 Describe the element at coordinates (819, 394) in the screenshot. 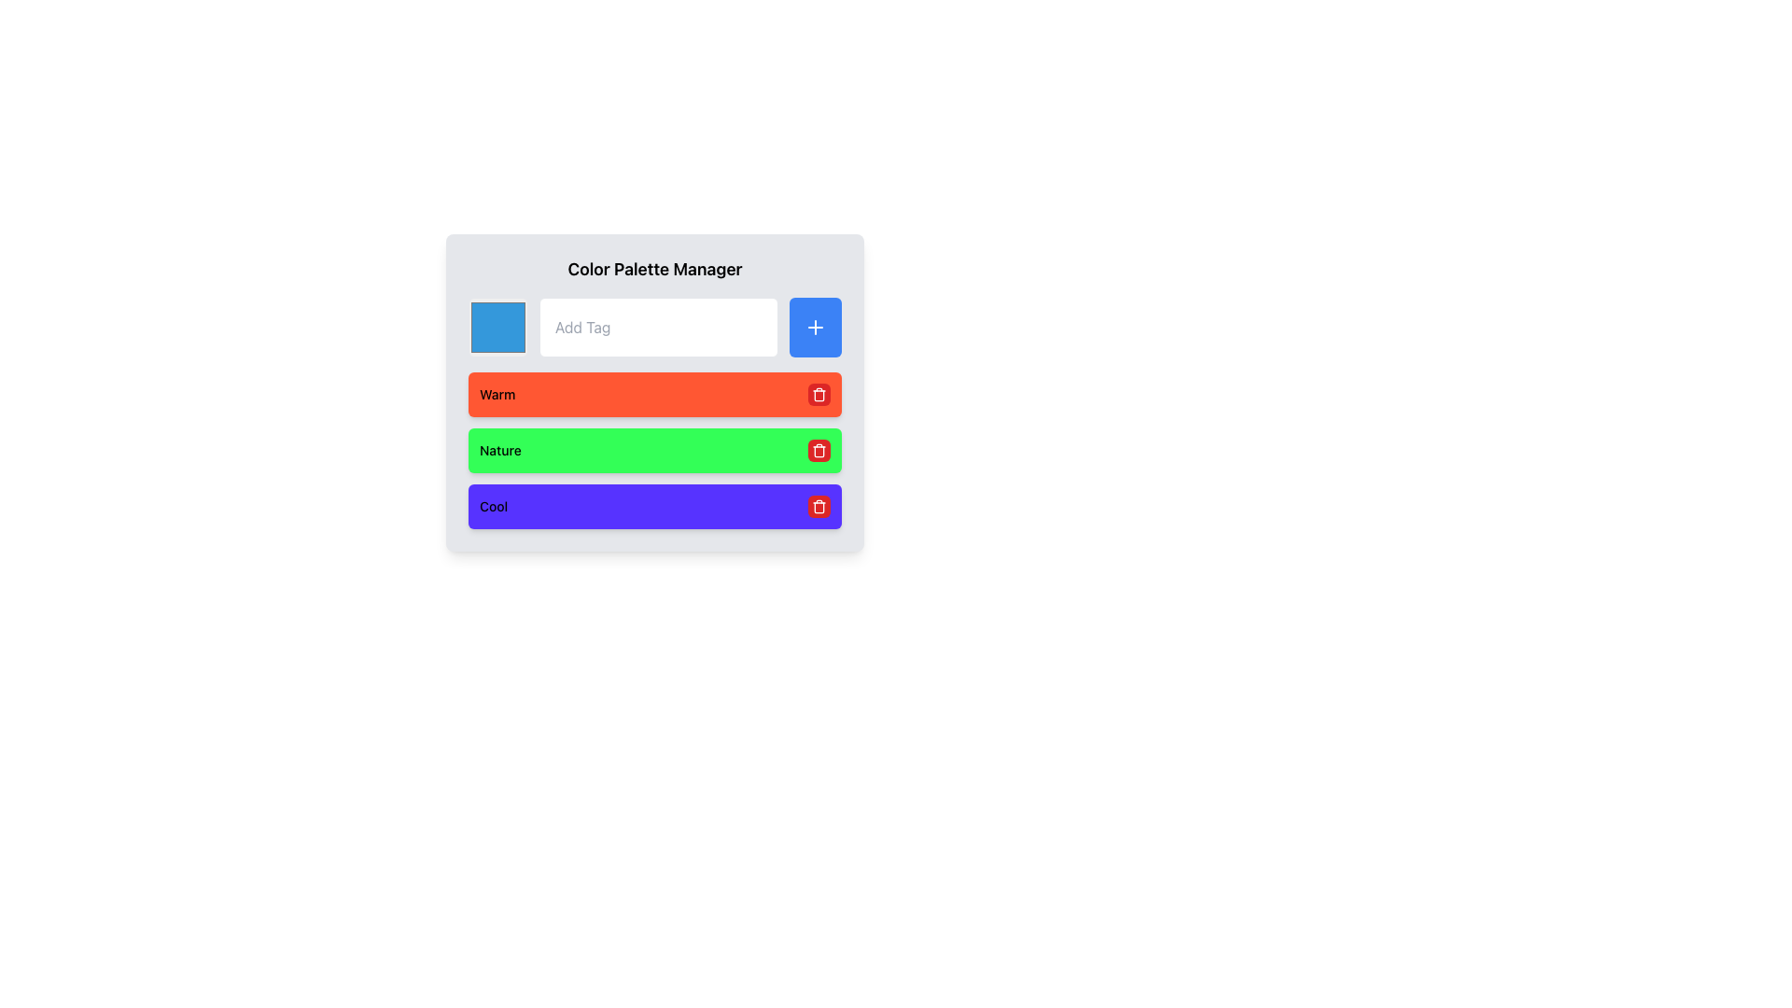

I see `the button located on the far right of the 'Warm' tag section in the color palette manager interface` at that location.